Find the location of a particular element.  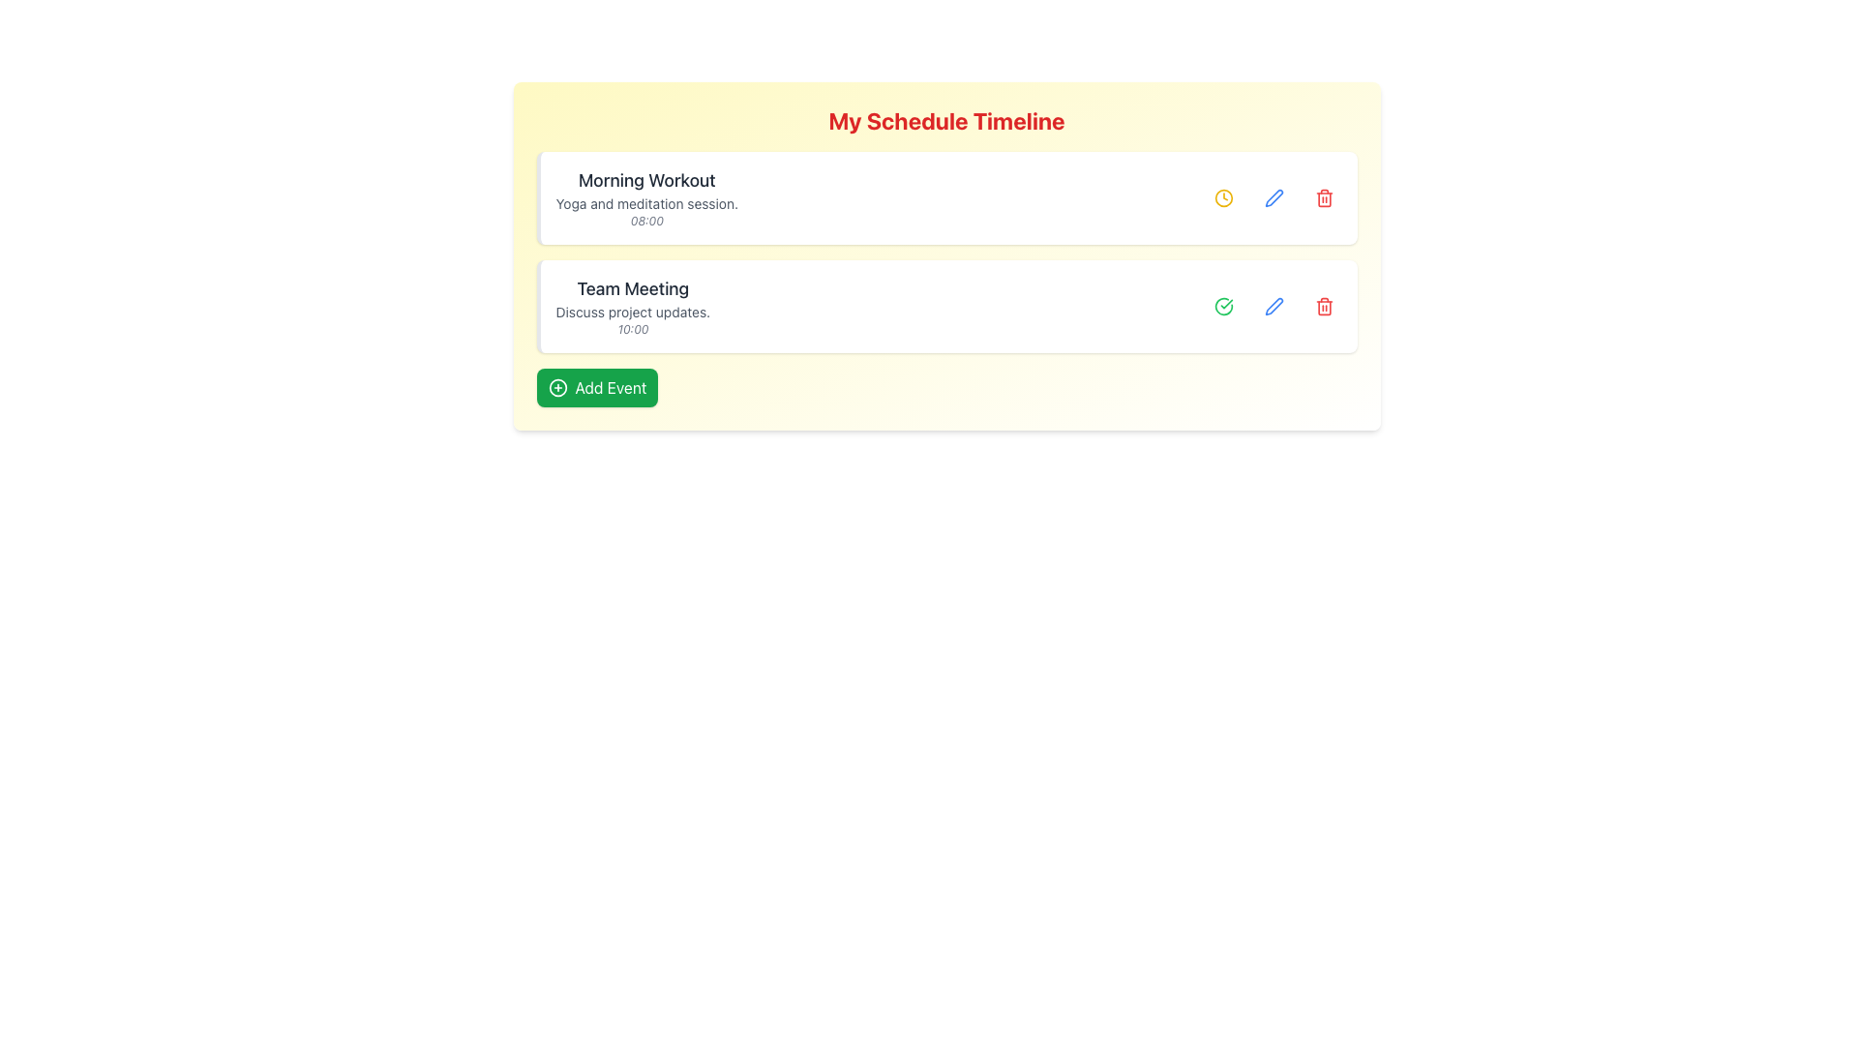

the 'Add Event' button is located at coordinates (596, 388).